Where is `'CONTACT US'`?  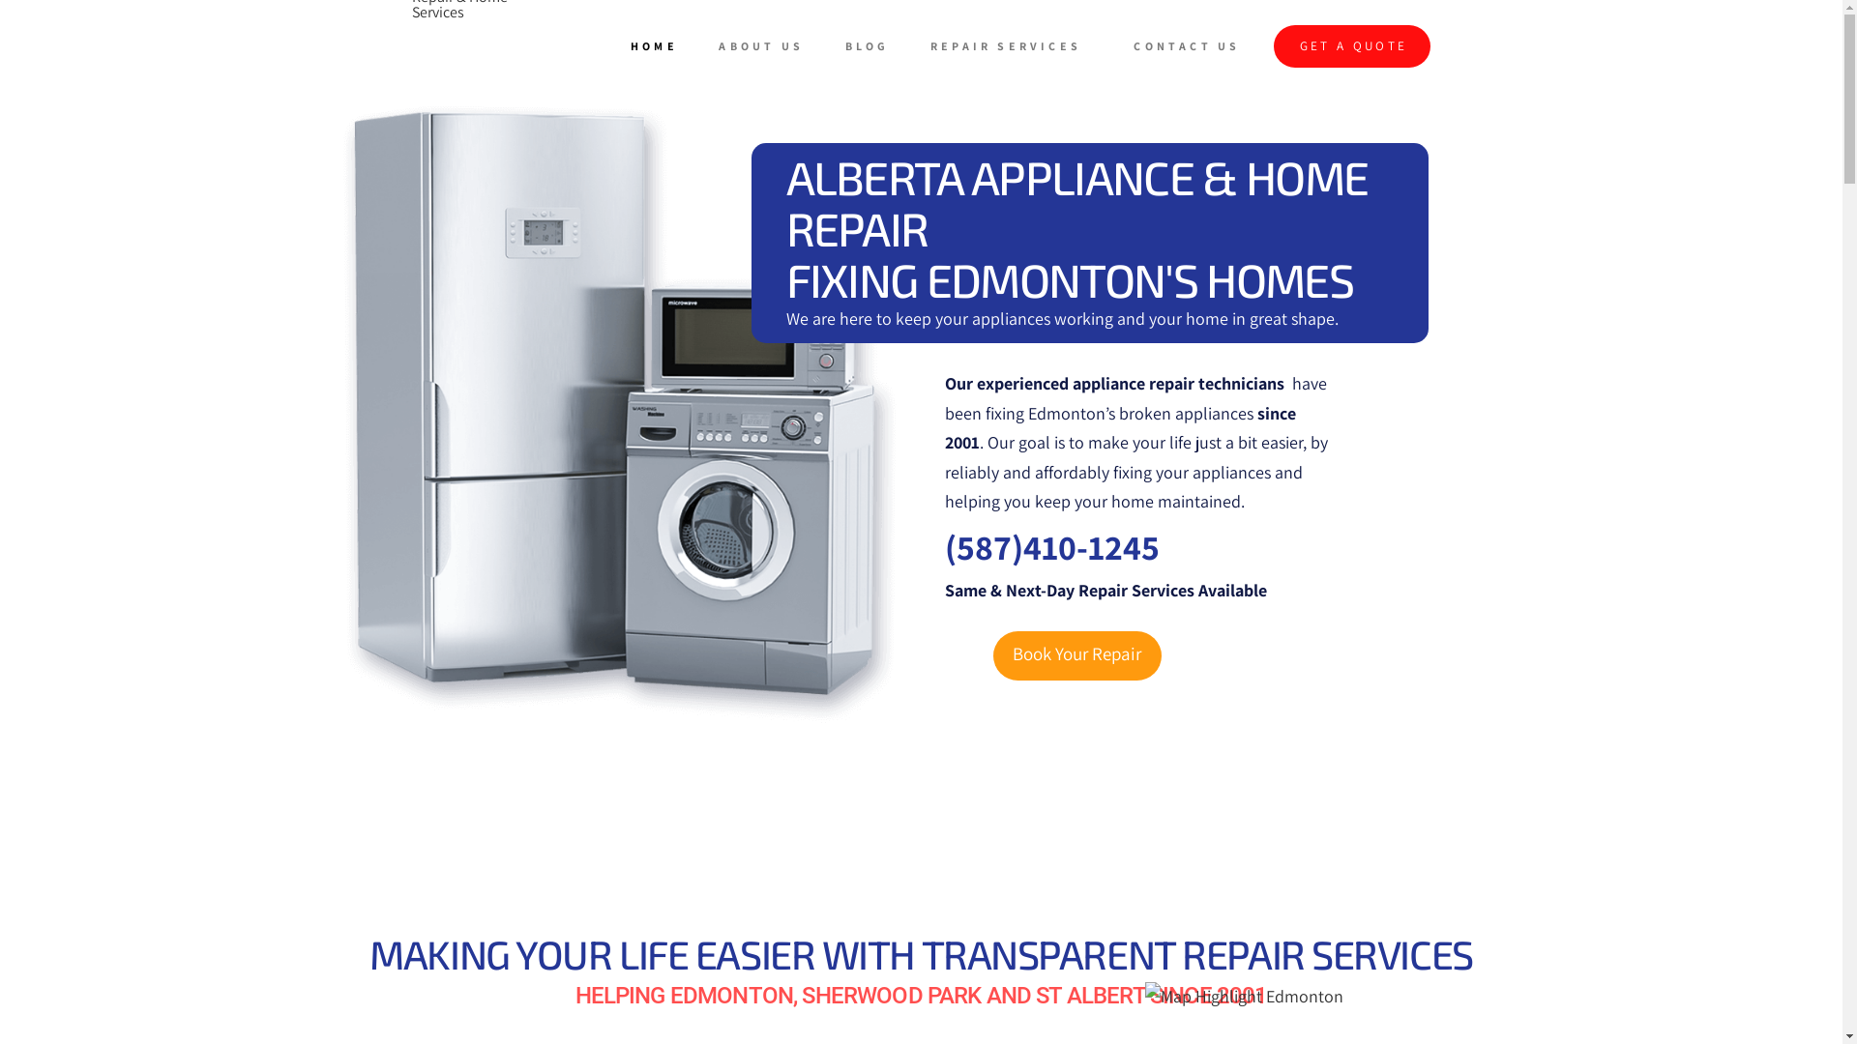 'CONTACT US' is located at coordinates (1190, 44).